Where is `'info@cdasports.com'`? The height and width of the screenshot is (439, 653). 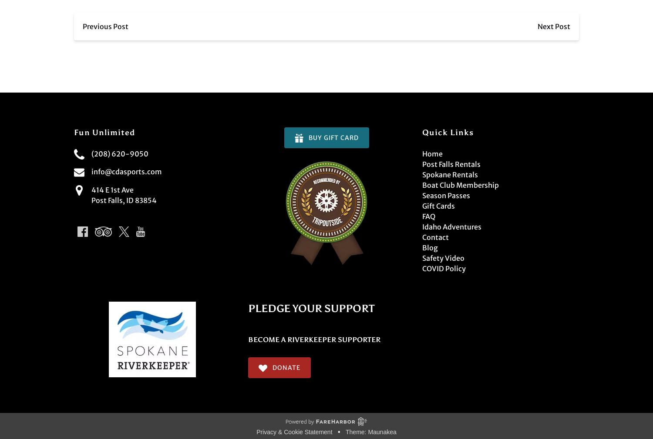
'info@cdasports.com' is located at coordinates (127, 172).